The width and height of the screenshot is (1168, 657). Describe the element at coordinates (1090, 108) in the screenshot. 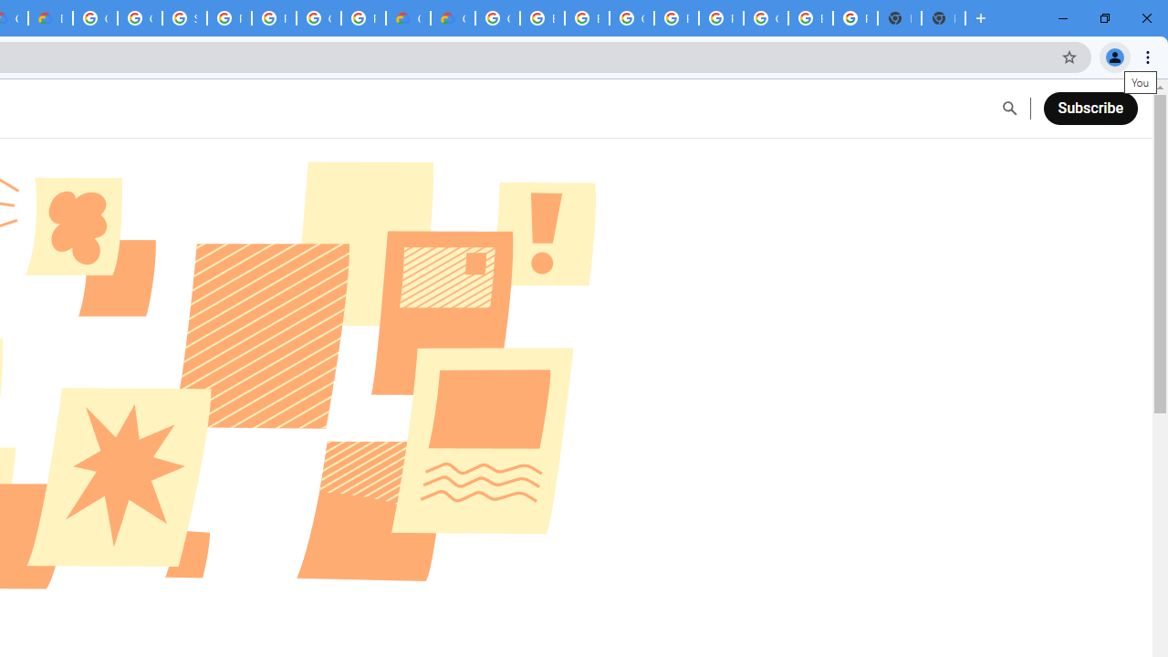

I see `'Subscribe'` at that location.